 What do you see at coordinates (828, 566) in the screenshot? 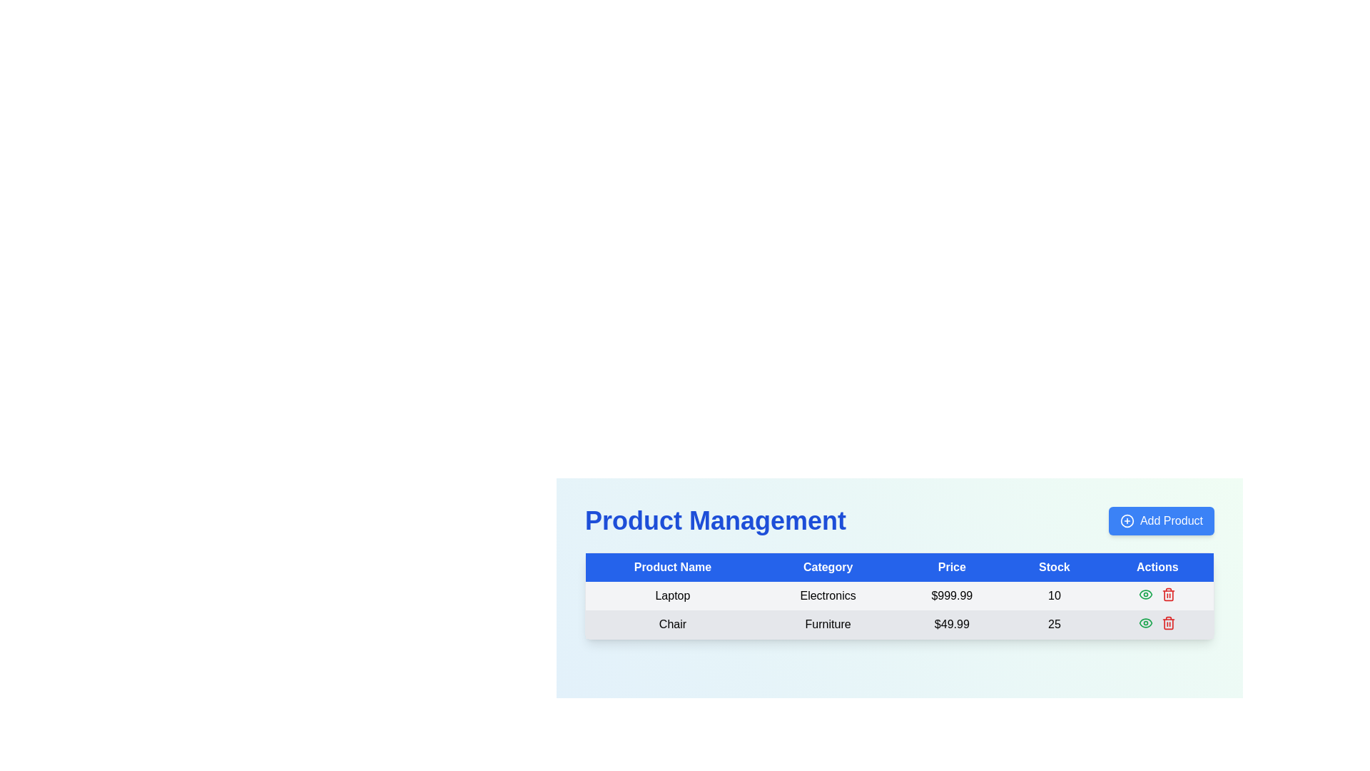
I see `the blue rectangular header cell labeled 'Category' in the table header row, which is the second column header after 'Product Name'` at bounding box center [828, 566].